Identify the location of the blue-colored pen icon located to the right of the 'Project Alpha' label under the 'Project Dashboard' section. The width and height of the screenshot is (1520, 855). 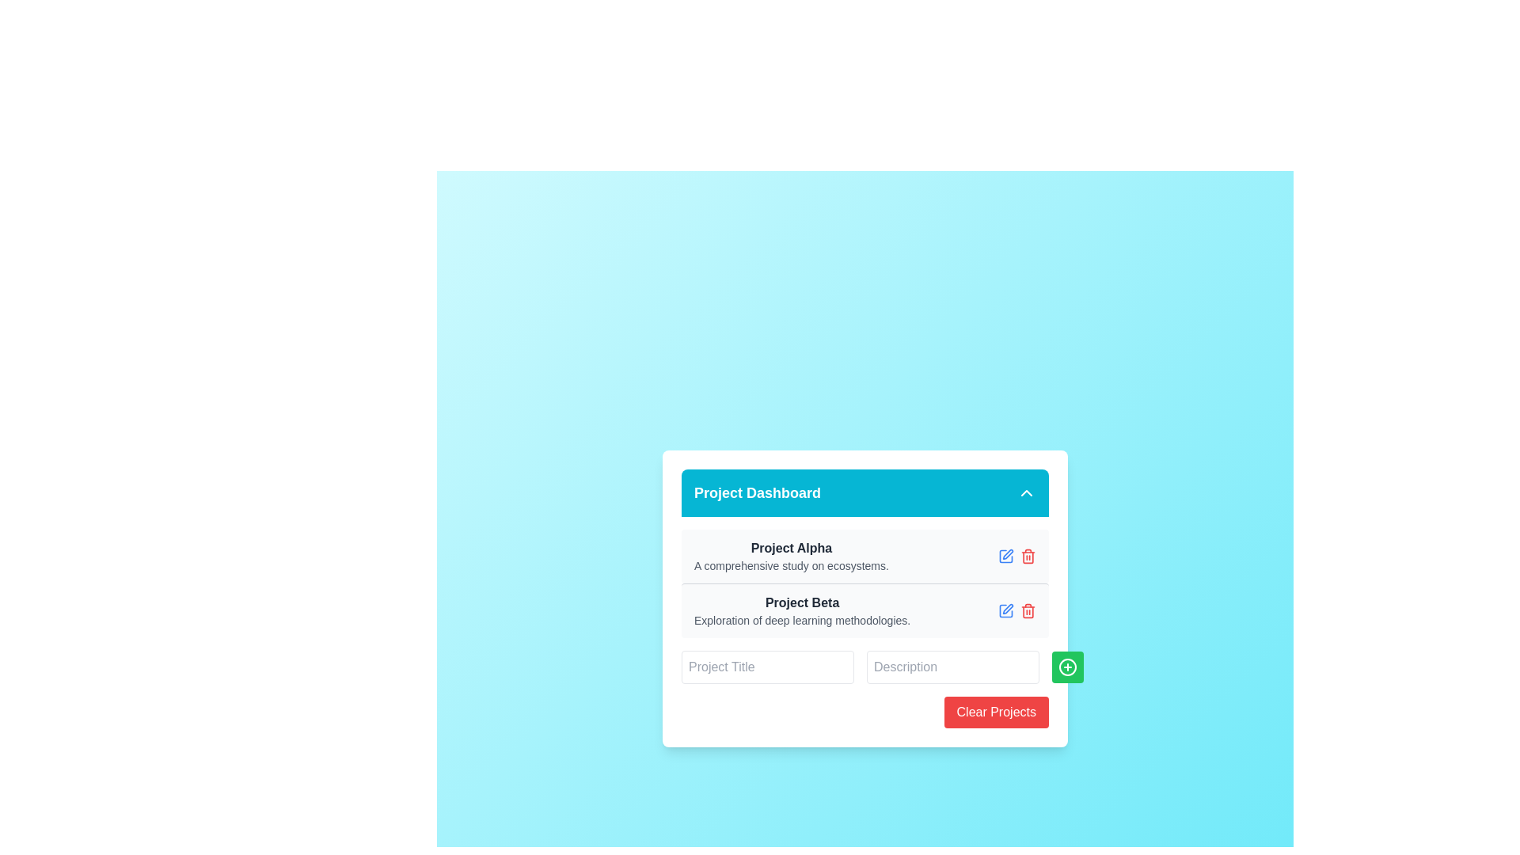
(1005, 555).